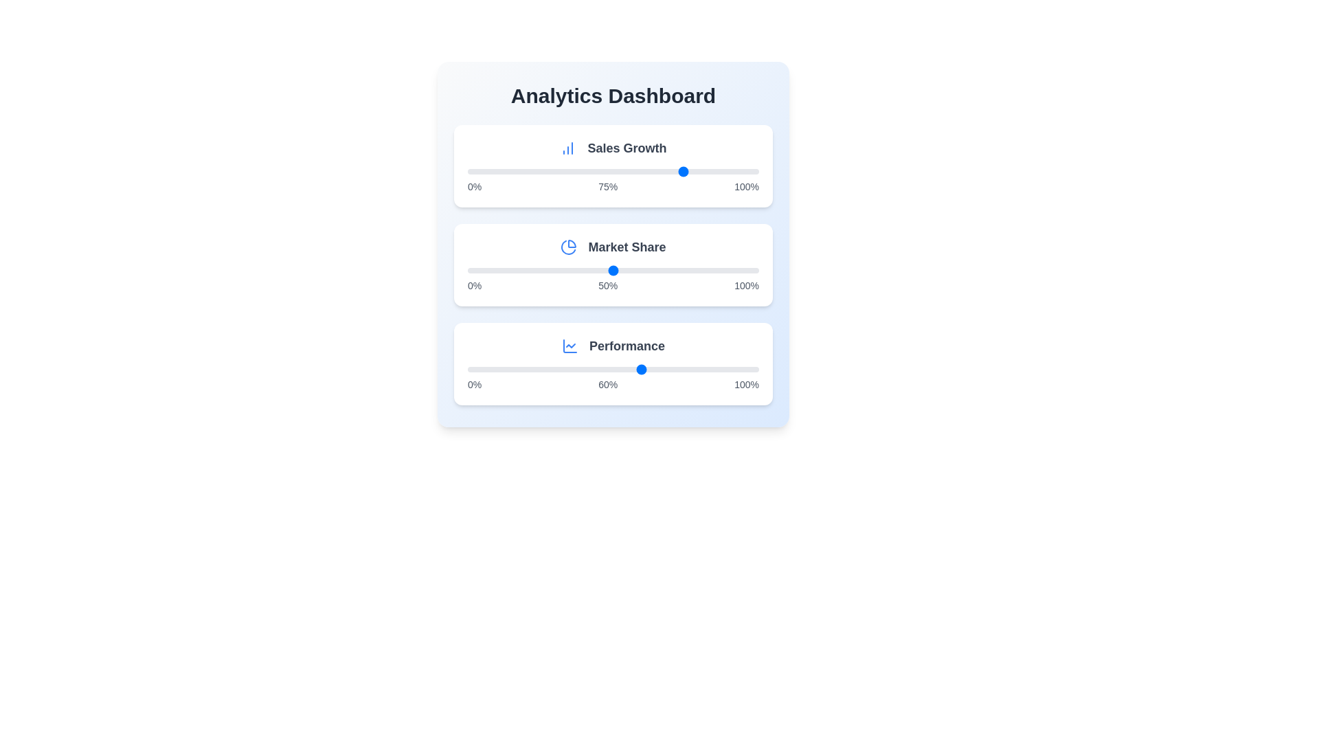 Image resolution: width=1319 pixels, height=742 pixels. What do you see at coordinates (537, 368) in the screenshot?
I see `the 'Performance' slider to 24 percent` at bounding box center [537, 368].